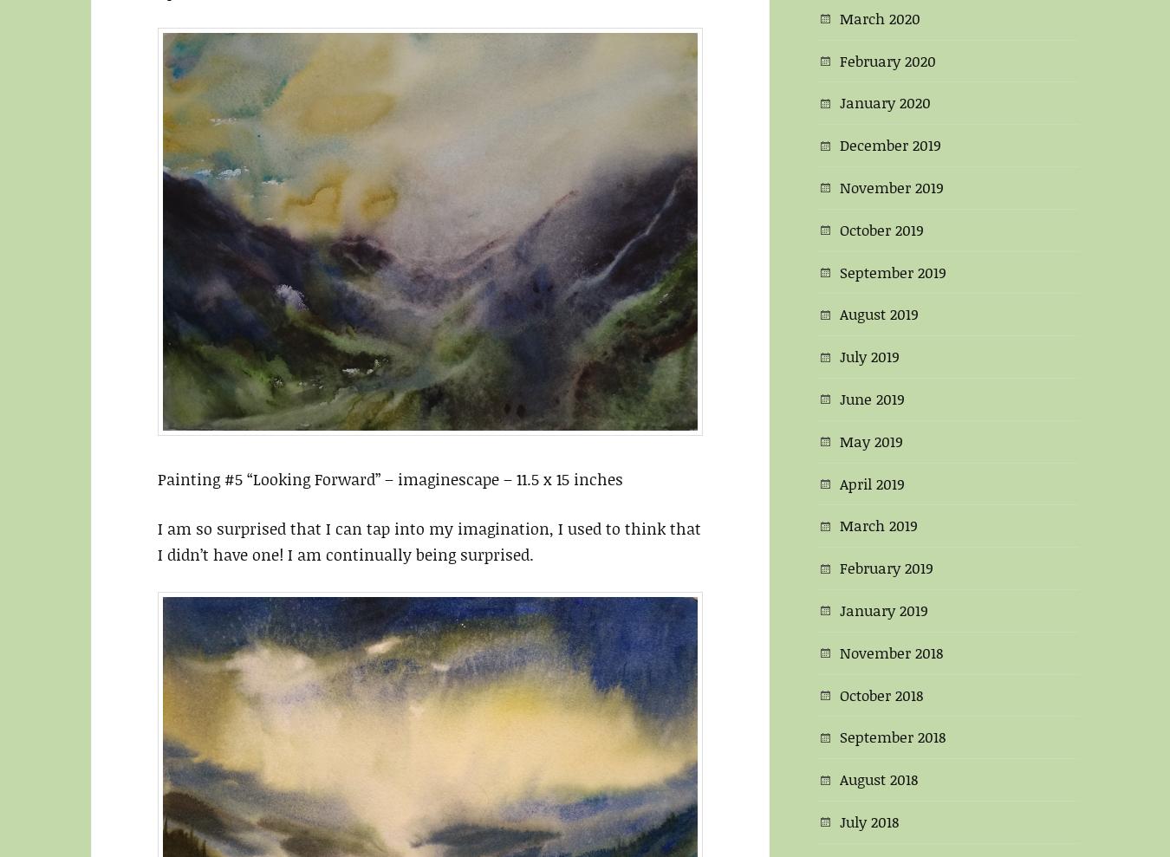 Image resolution: width=1170 pixels, height=857 pixels. Describe the element at coordinates (871, 396) in the screenshot. I see `'June 2019'` at that location.